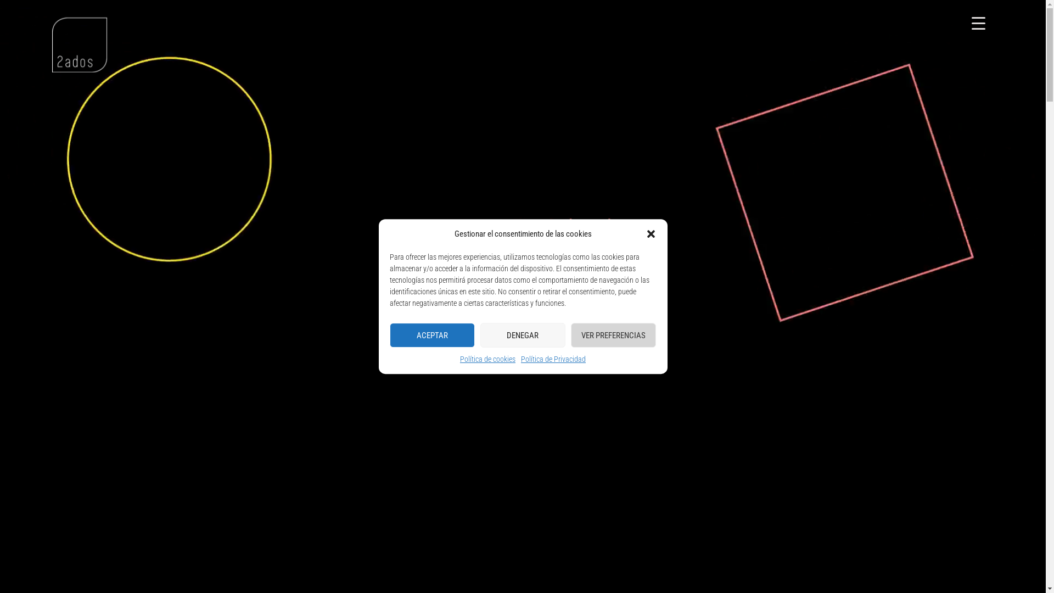 The image size is (1054, 593). I want to click on 'ACEPTAR', so click(390, 334).